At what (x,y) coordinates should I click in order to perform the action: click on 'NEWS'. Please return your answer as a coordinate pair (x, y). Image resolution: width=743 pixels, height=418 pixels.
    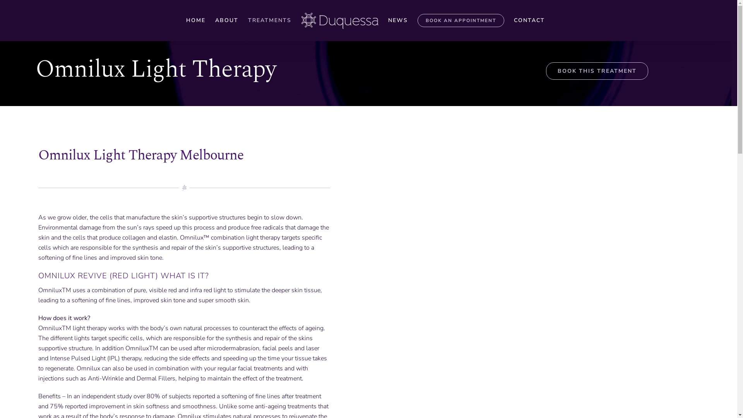
    Looking at the image, I should click on (397, 20).